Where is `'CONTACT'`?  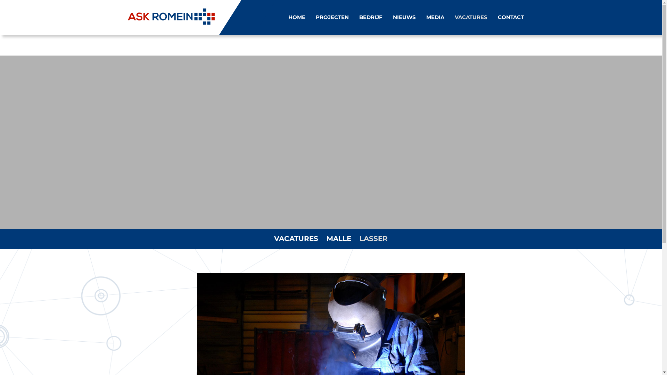
'CONTACT' is located at coordinates (510, 17).